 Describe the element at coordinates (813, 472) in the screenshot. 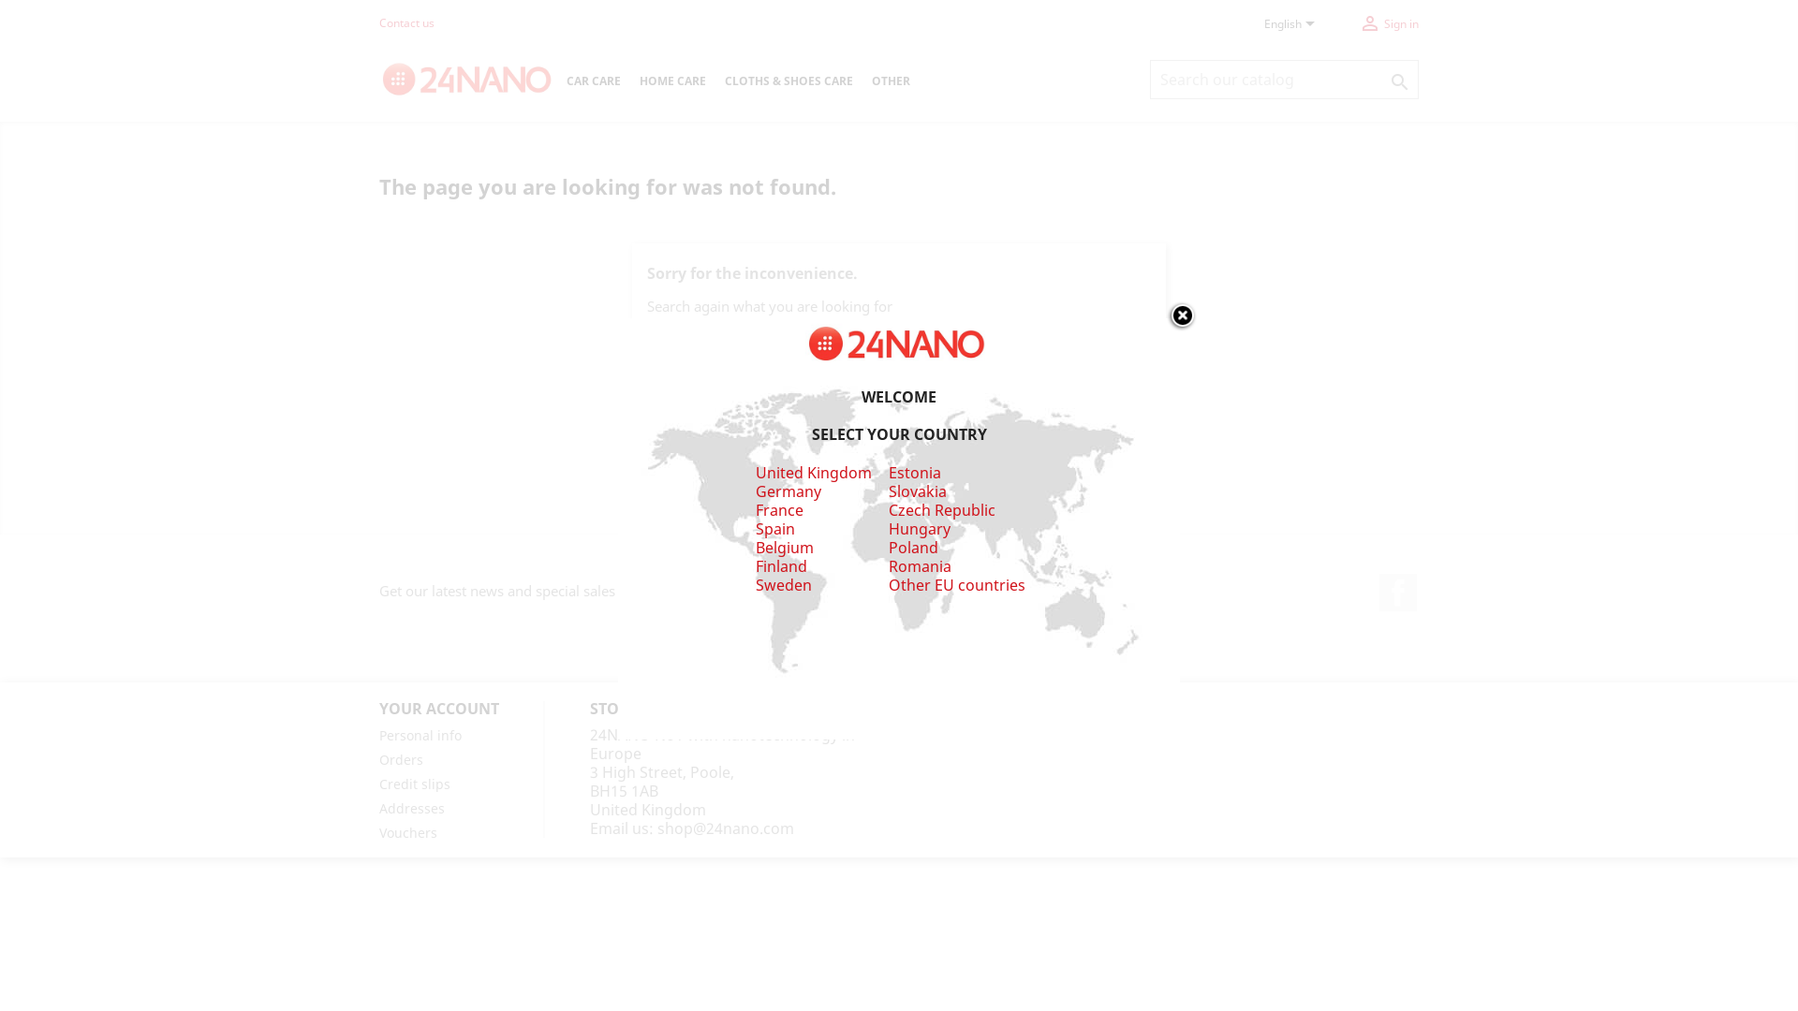

I see `'United Kingdom'` at that location.